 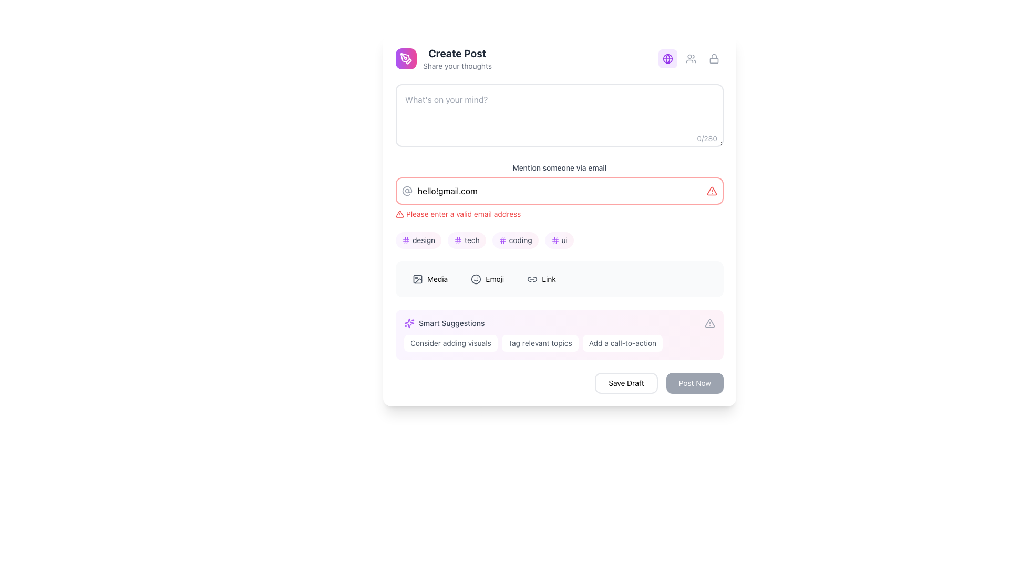 What do you see at coordinates (626, 383) in the screenshot?
I see `the 'Save Draft' button, which is a rectangular button with rounded corners located at the bottom-right corner of the interface, to observe its hover effect` at bounding box center [626, 383].